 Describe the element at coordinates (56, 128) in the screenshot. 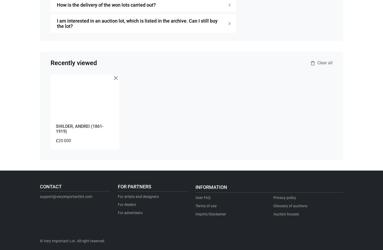

I see `'SHILDER, ANDREI (1861-1919)'` at that location.